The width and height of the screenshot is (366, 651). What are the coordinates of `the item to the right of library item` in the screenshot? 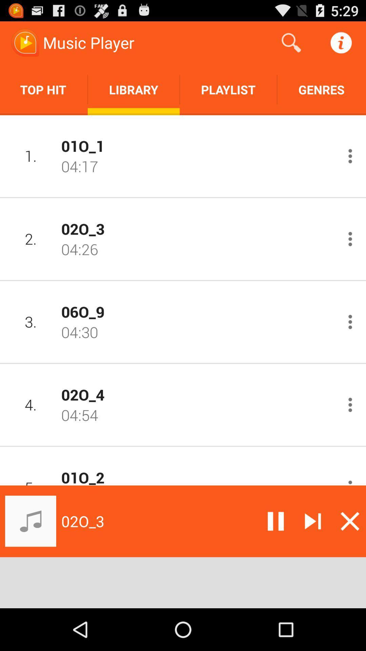 It's located at (291, 42).